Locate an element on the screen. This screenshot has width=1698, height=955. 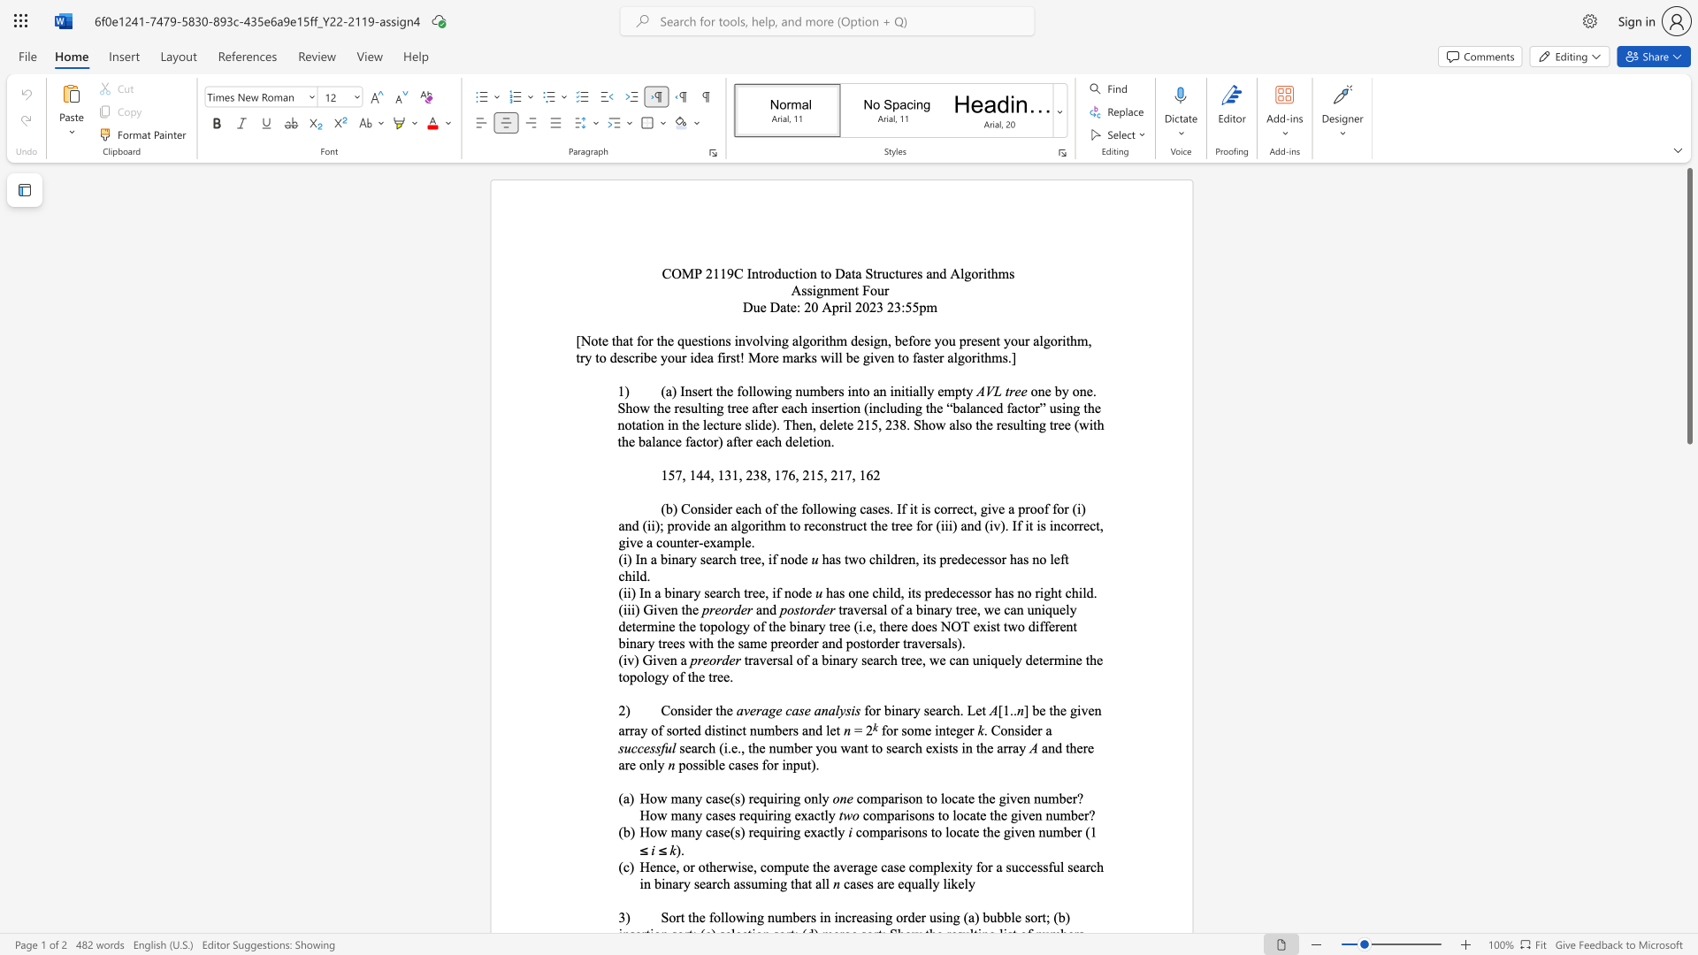
the subset text "mber (" within the text "comparisons to locate the given number (1" is located at coordinates (1052, 832).